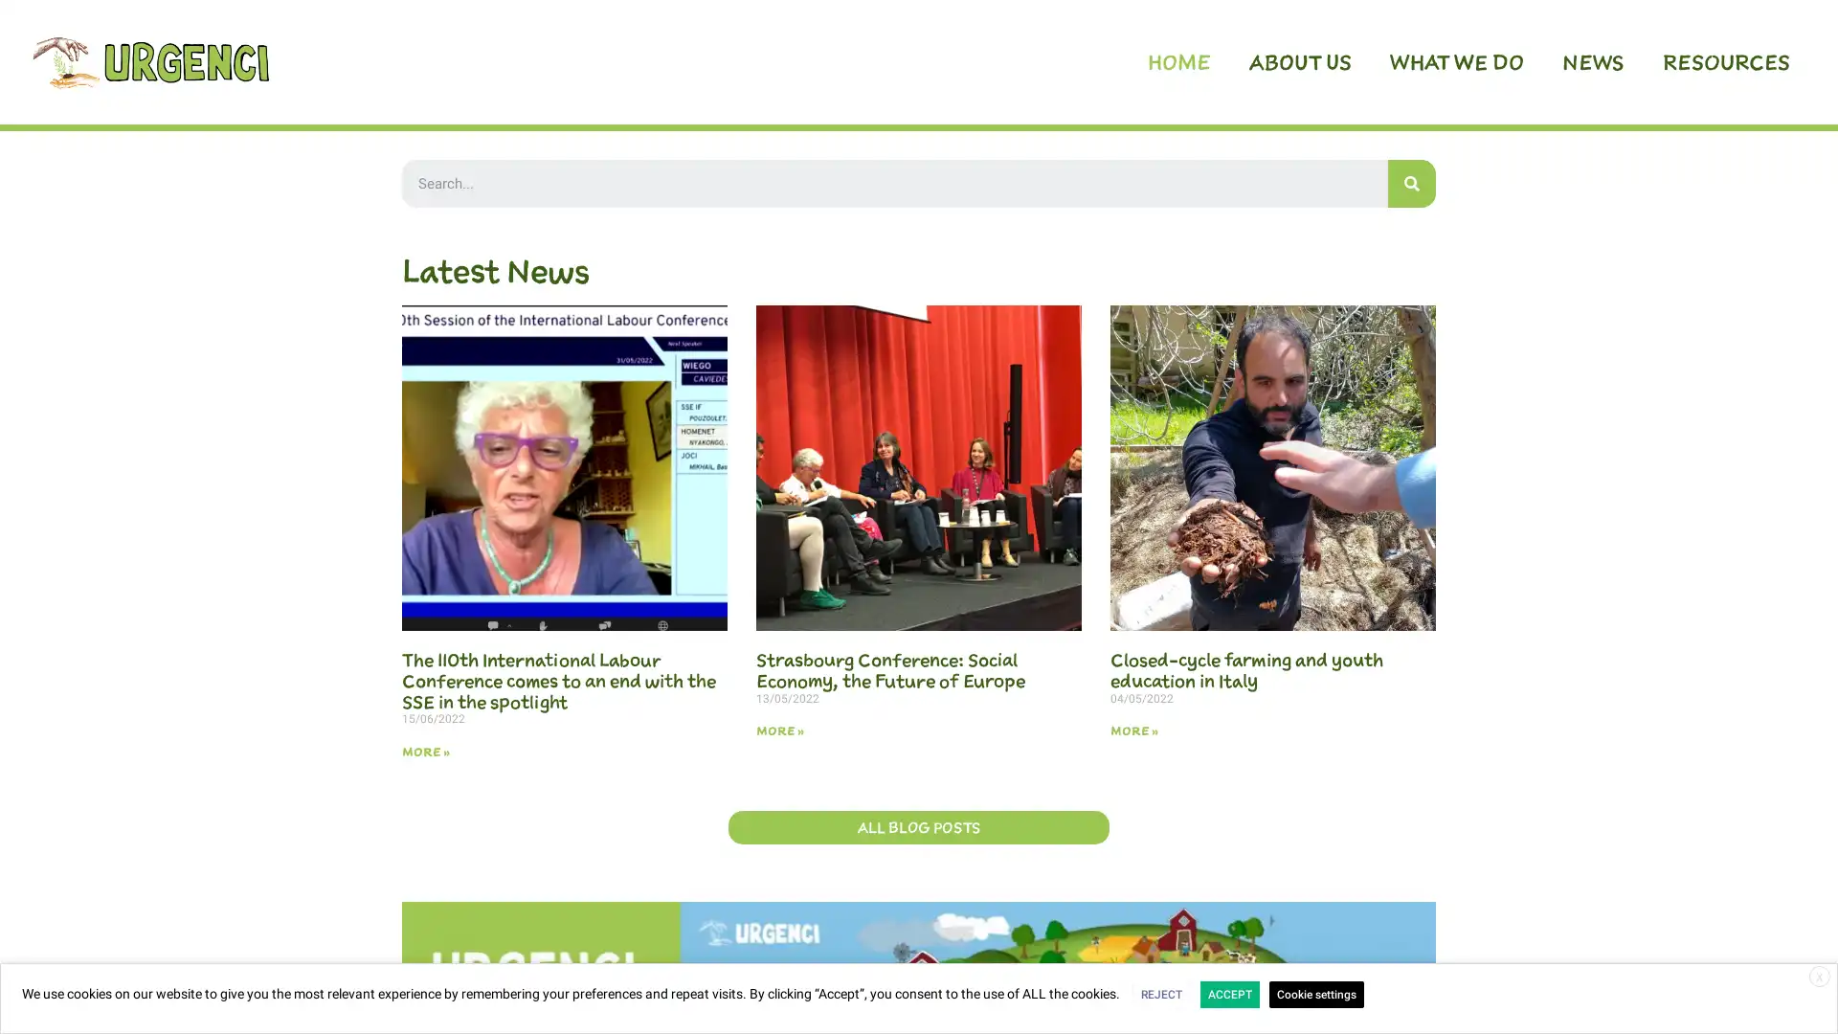 The width and height of the screenshot is (1838, 1034). Describe the element at coordinates (919, 825) in the screenshot. I see `ALL BLOG POSTS` at that location.